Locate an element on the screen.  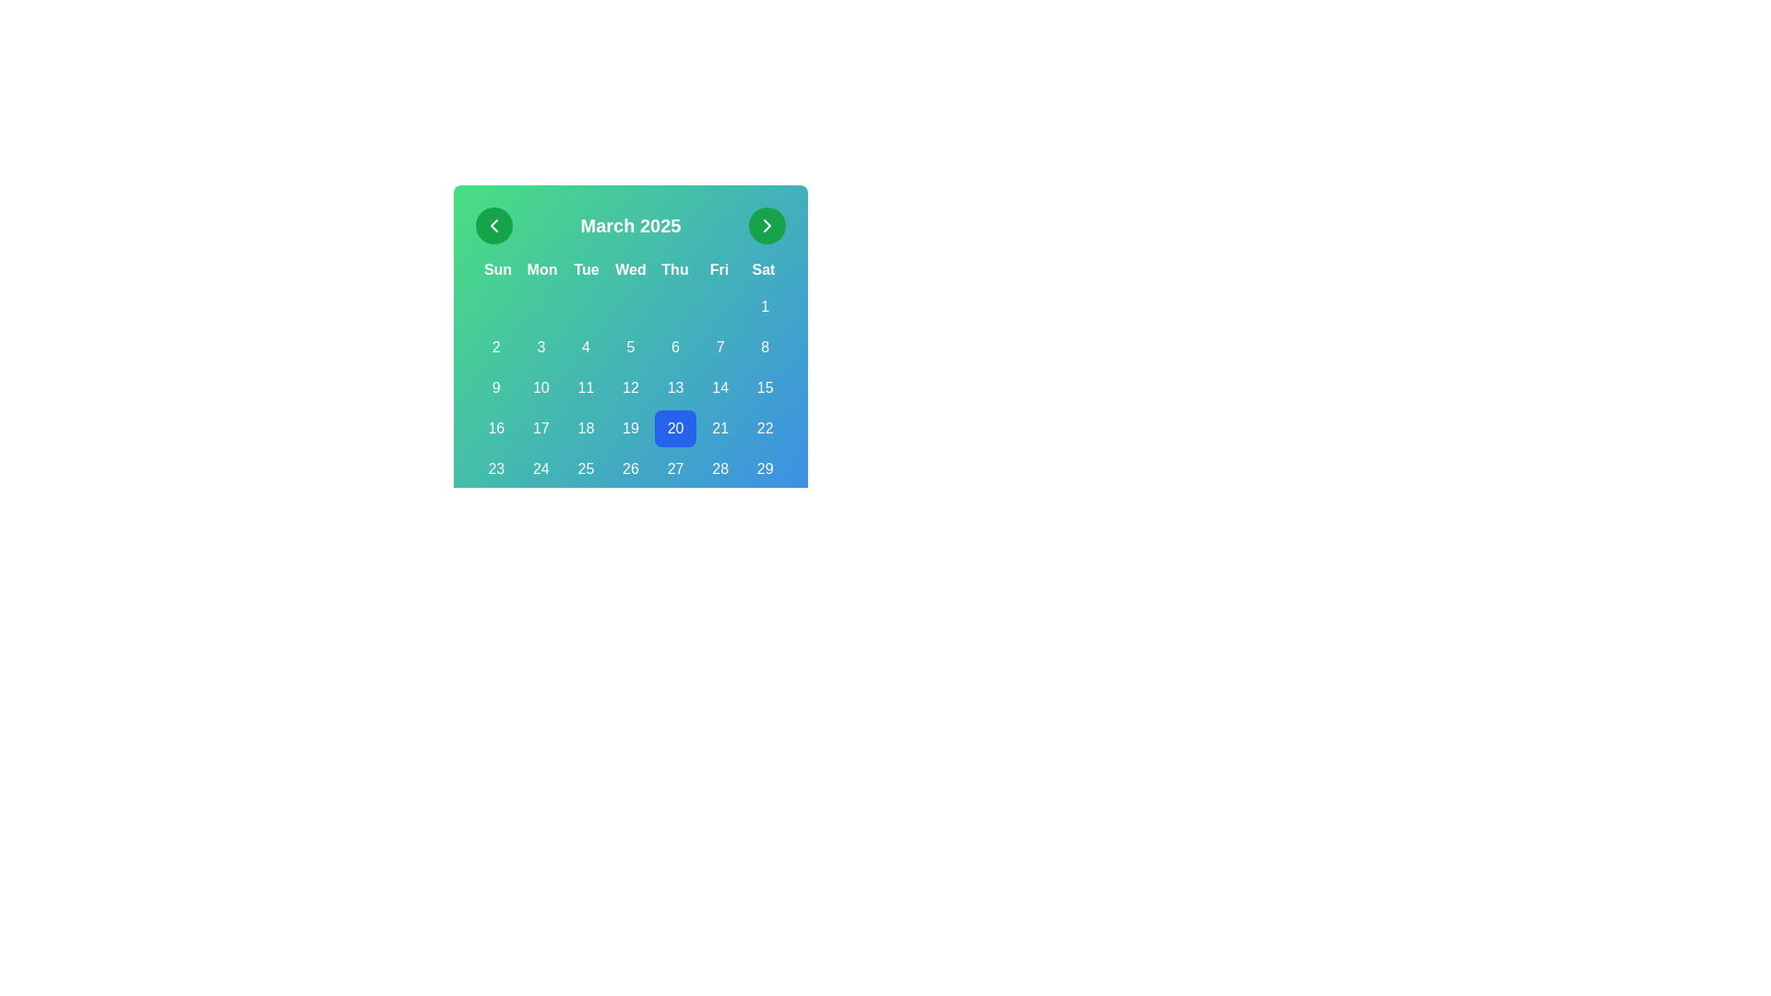
the Text label displaying 'Fri' in white, bold, sans-serif font, located between 'Thu' and 'Sat' in the calendar interface is located at coordinates (718, 270).